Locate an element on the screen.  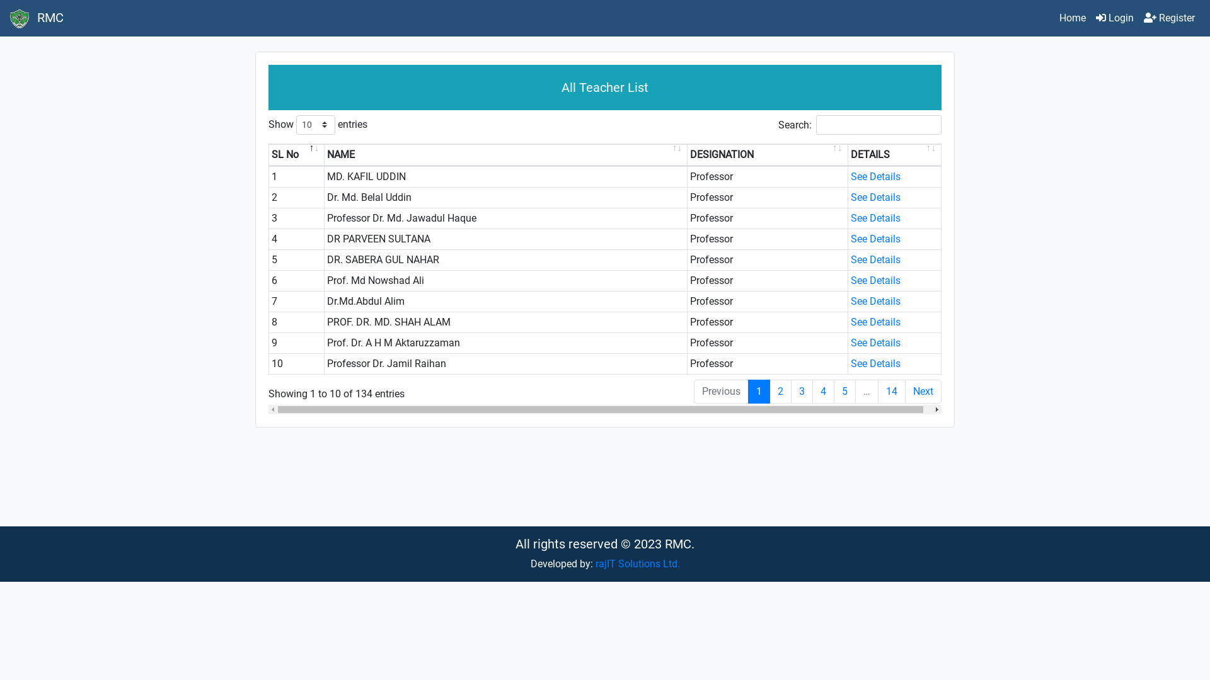
'See Details' is located at coordinates (875, 363).